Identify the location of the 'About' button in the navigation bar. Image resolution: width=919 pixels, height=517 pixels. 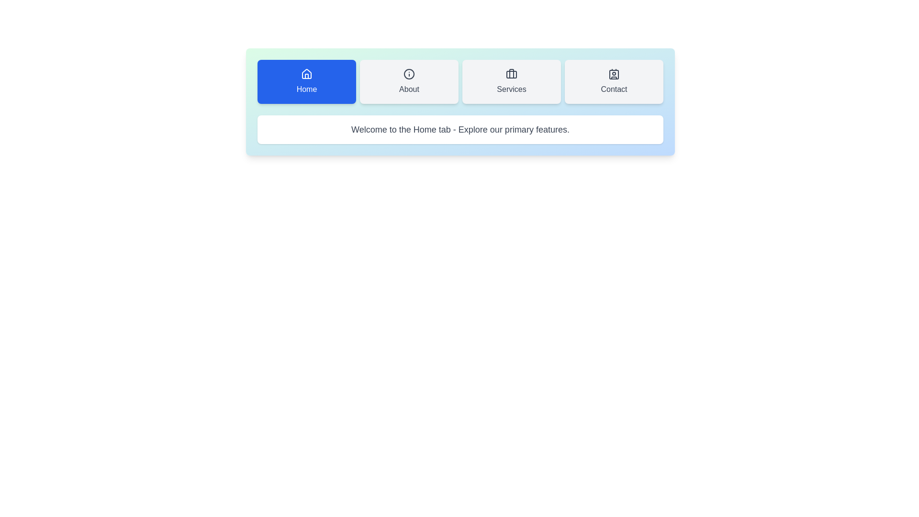
(409, 81).